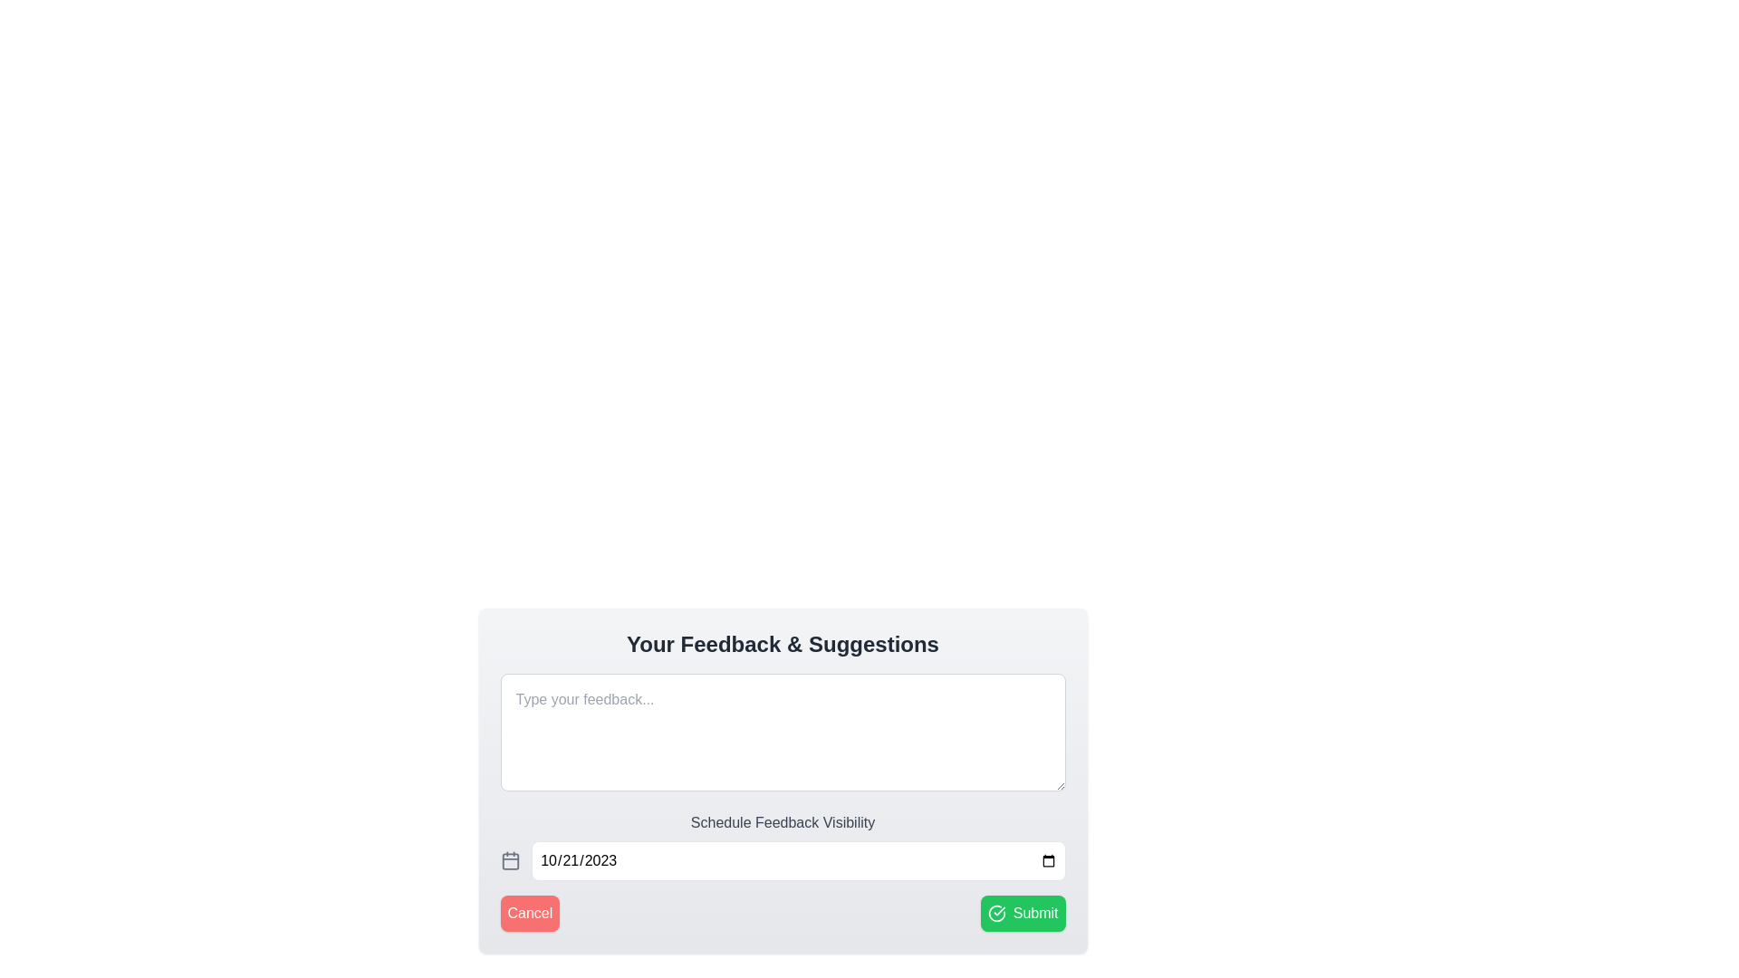 This screenshot has width=1739, height=978. Describe the element at coordinates (529, 914) in the screenshot. I see `the red 'Cancel' button with rounded corners and white text` at that location.